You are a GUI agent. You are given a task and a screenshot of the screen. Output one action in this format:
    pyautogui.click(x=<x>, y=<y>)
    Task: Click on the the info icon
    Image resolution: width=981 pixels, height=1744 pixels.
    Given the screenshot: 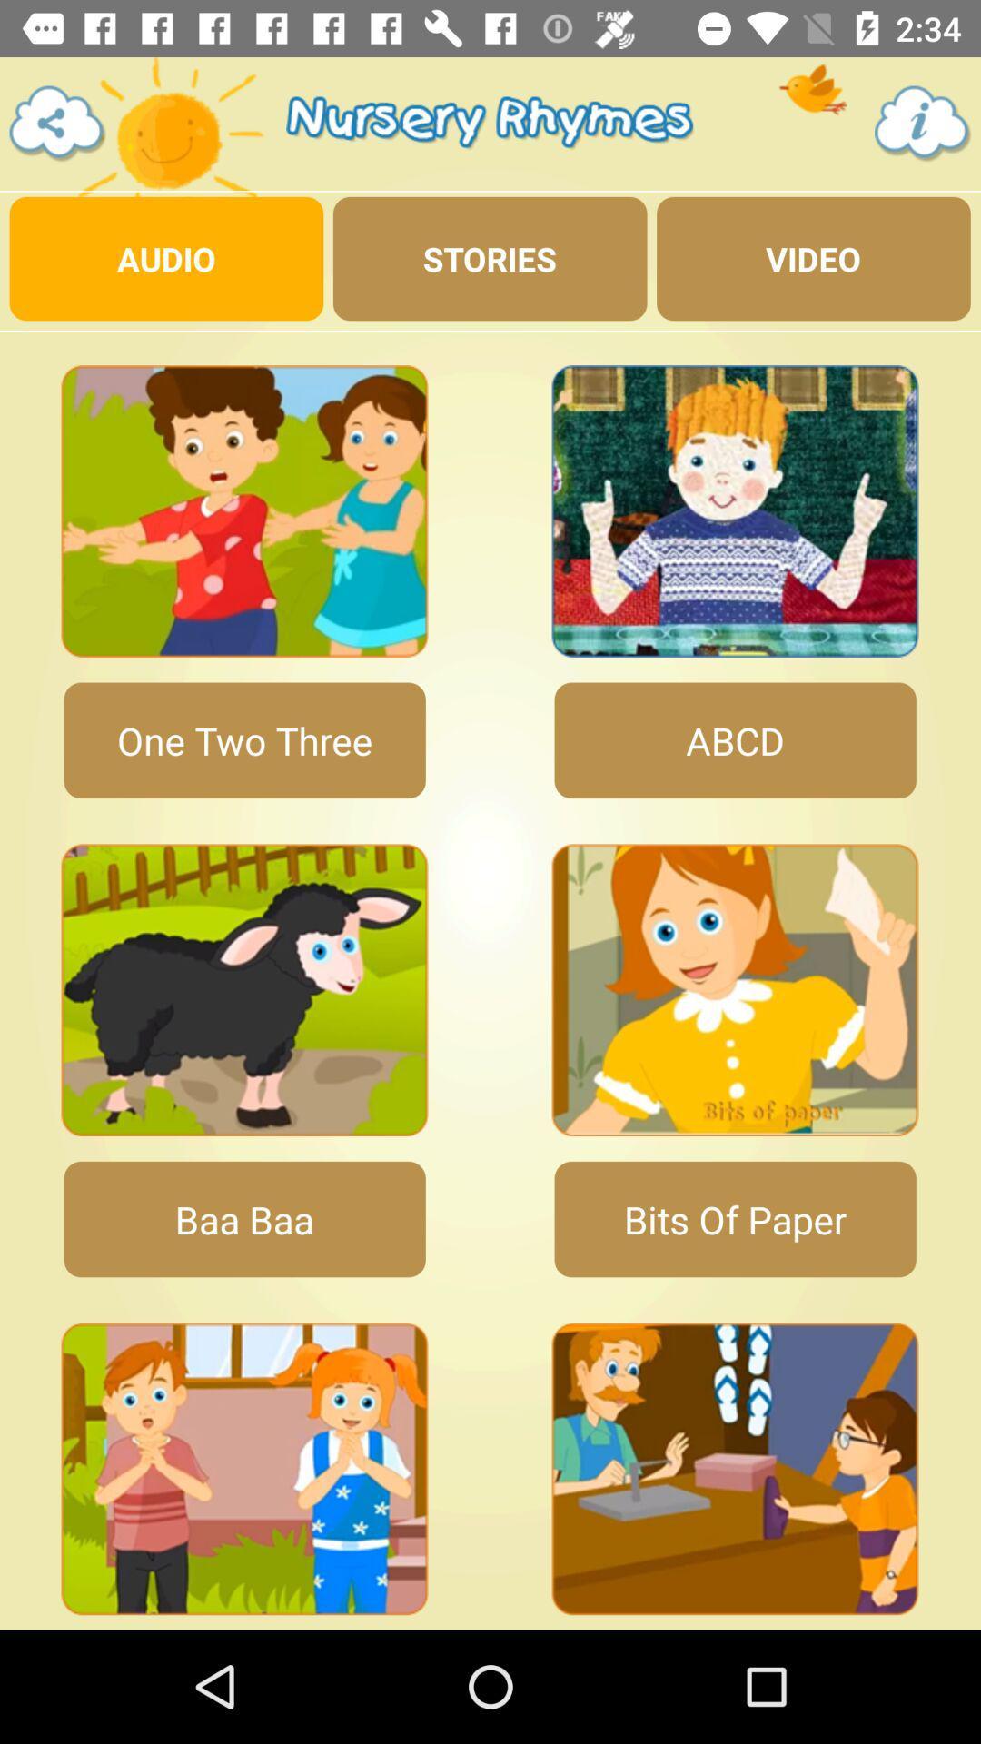 What is the action you would take?
    pyautogui.click(x=923, y=123)
    